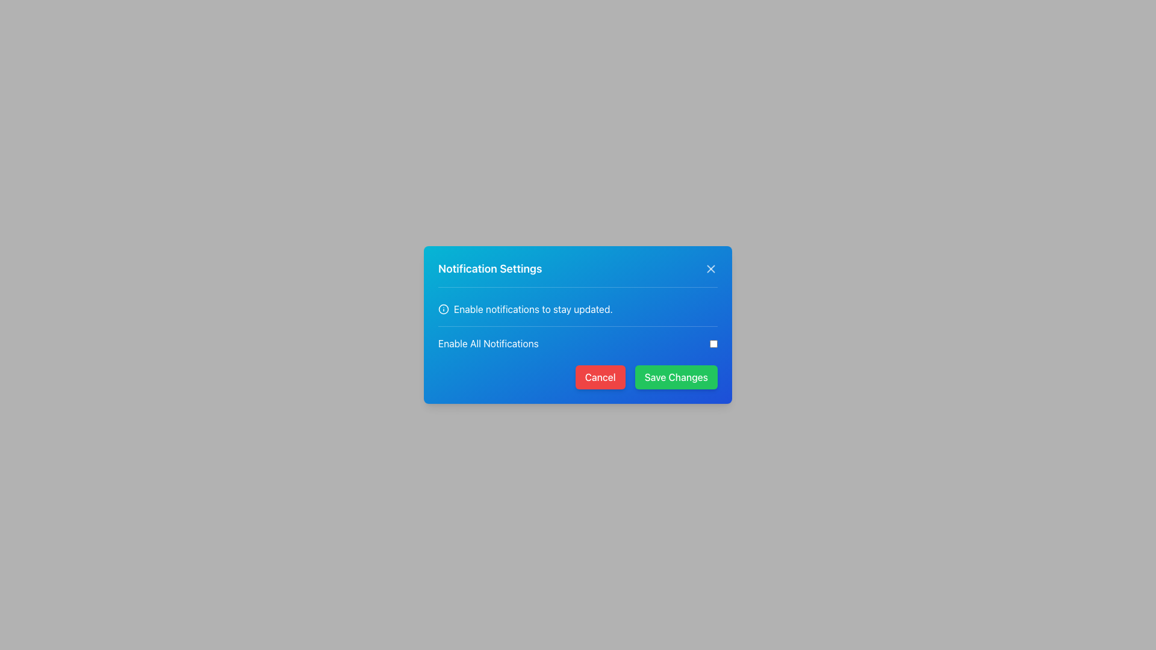  I want to click on the static text displaying 'Enable notifications to stay updated.' located in the 'Notification Settings' dialog, positioned to the right of the information icon, so click(532, 308).